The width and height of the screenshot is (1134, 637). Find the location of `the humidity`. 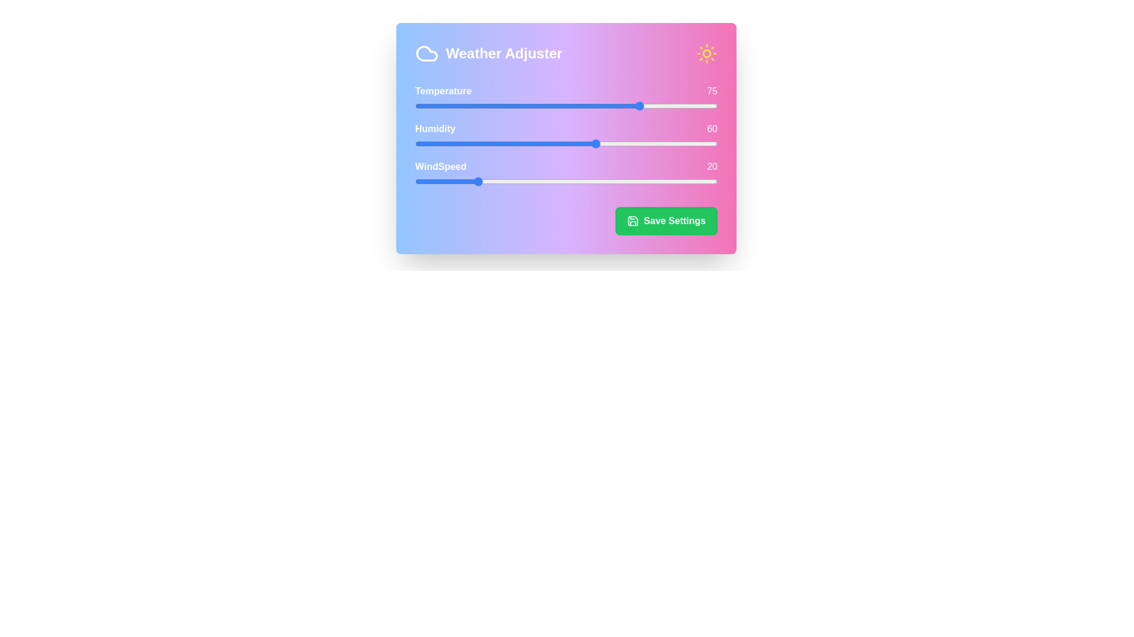

the humidity is located at coordinates (617, 143).